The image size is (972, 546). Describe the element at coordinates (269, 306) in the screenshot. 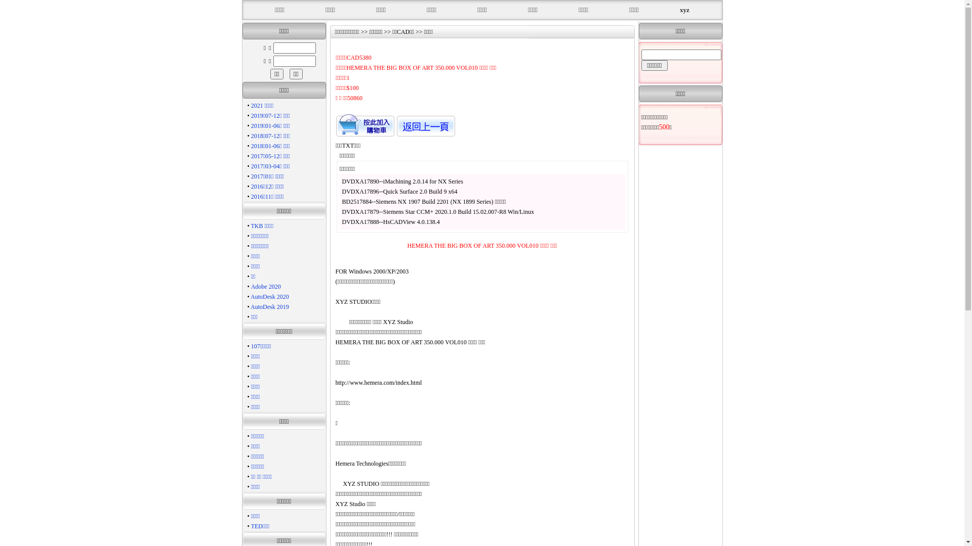

I see `'AutoDesk 2019'` at that location.